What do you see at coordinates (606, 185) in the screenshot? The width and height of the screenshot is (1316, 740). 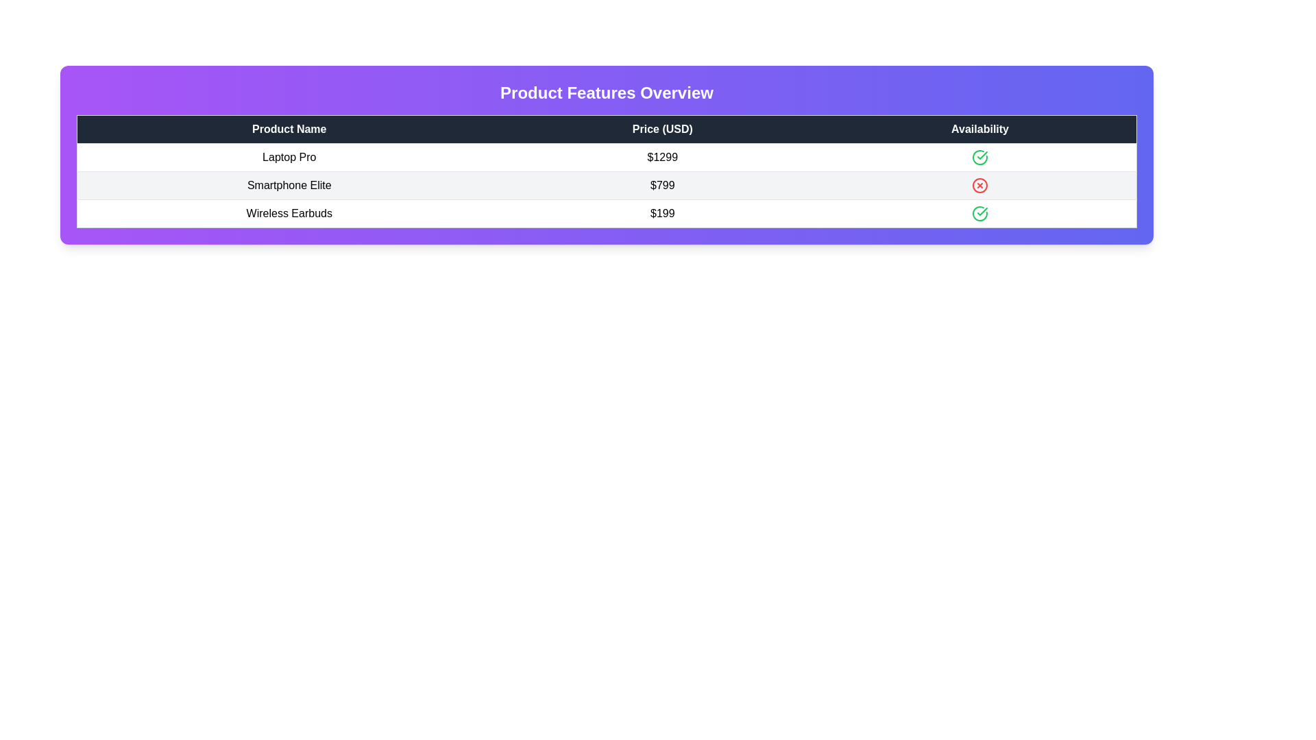 I see `the second row in the 'Product Features Overview' table that displays information about the 'Smartphone Elite' product` at bounding box center [606, 185].